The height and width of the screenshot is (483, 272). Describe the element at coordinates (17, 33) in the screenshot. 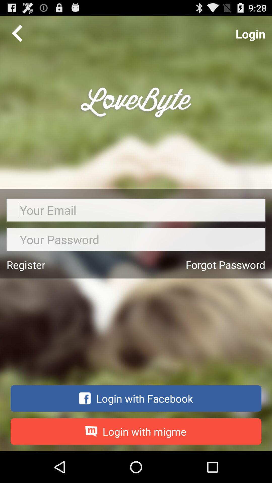

I see `go back` at that location.